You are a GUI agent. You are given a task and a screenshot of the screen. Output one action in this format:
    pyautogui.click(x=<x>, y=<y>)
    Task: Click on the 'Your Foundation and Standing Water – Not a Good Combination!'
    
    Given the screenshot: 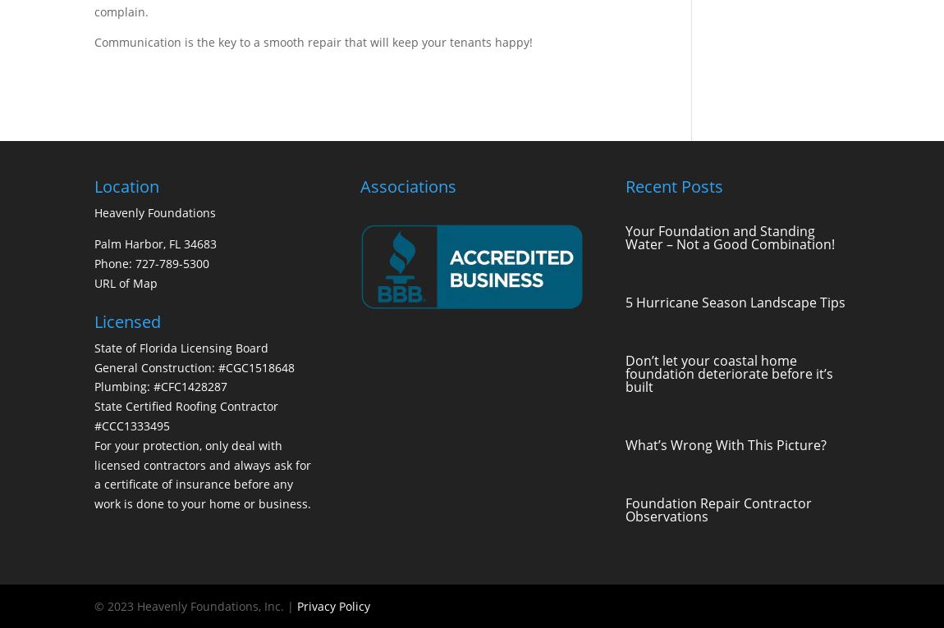 What is the action you would take?
    pyautogui.click(x=730, y=237)
    